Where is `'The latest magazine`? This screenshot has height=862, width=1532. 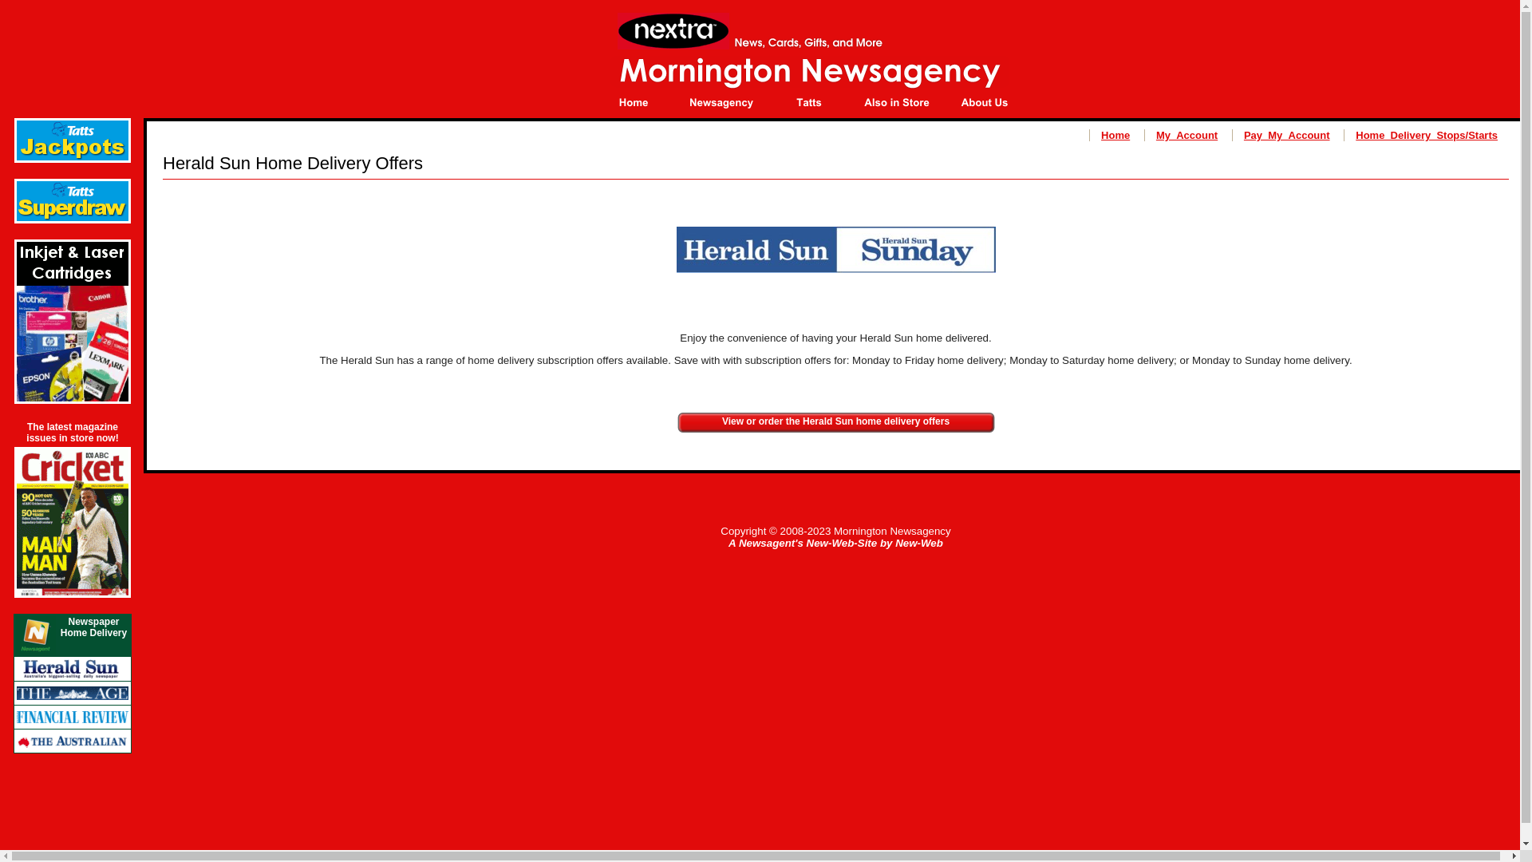
'The latest magazine is located at coordinates (26, 433).